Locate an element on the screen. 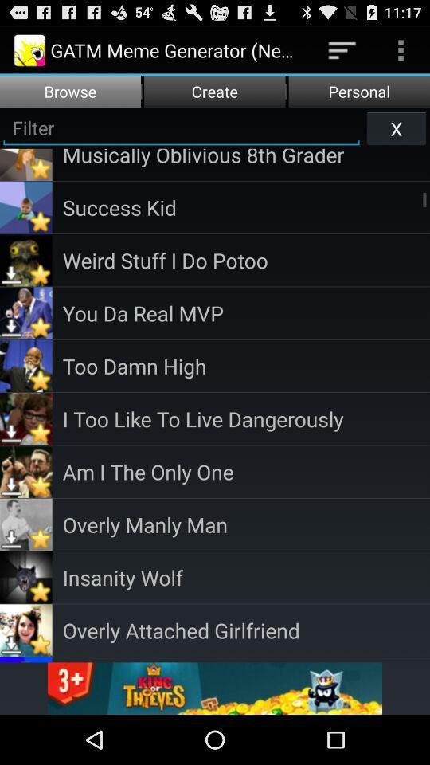 Image resolution: width=430 pixels, height=765 pixels. app above personal icon is located at coordinates (400, 49).